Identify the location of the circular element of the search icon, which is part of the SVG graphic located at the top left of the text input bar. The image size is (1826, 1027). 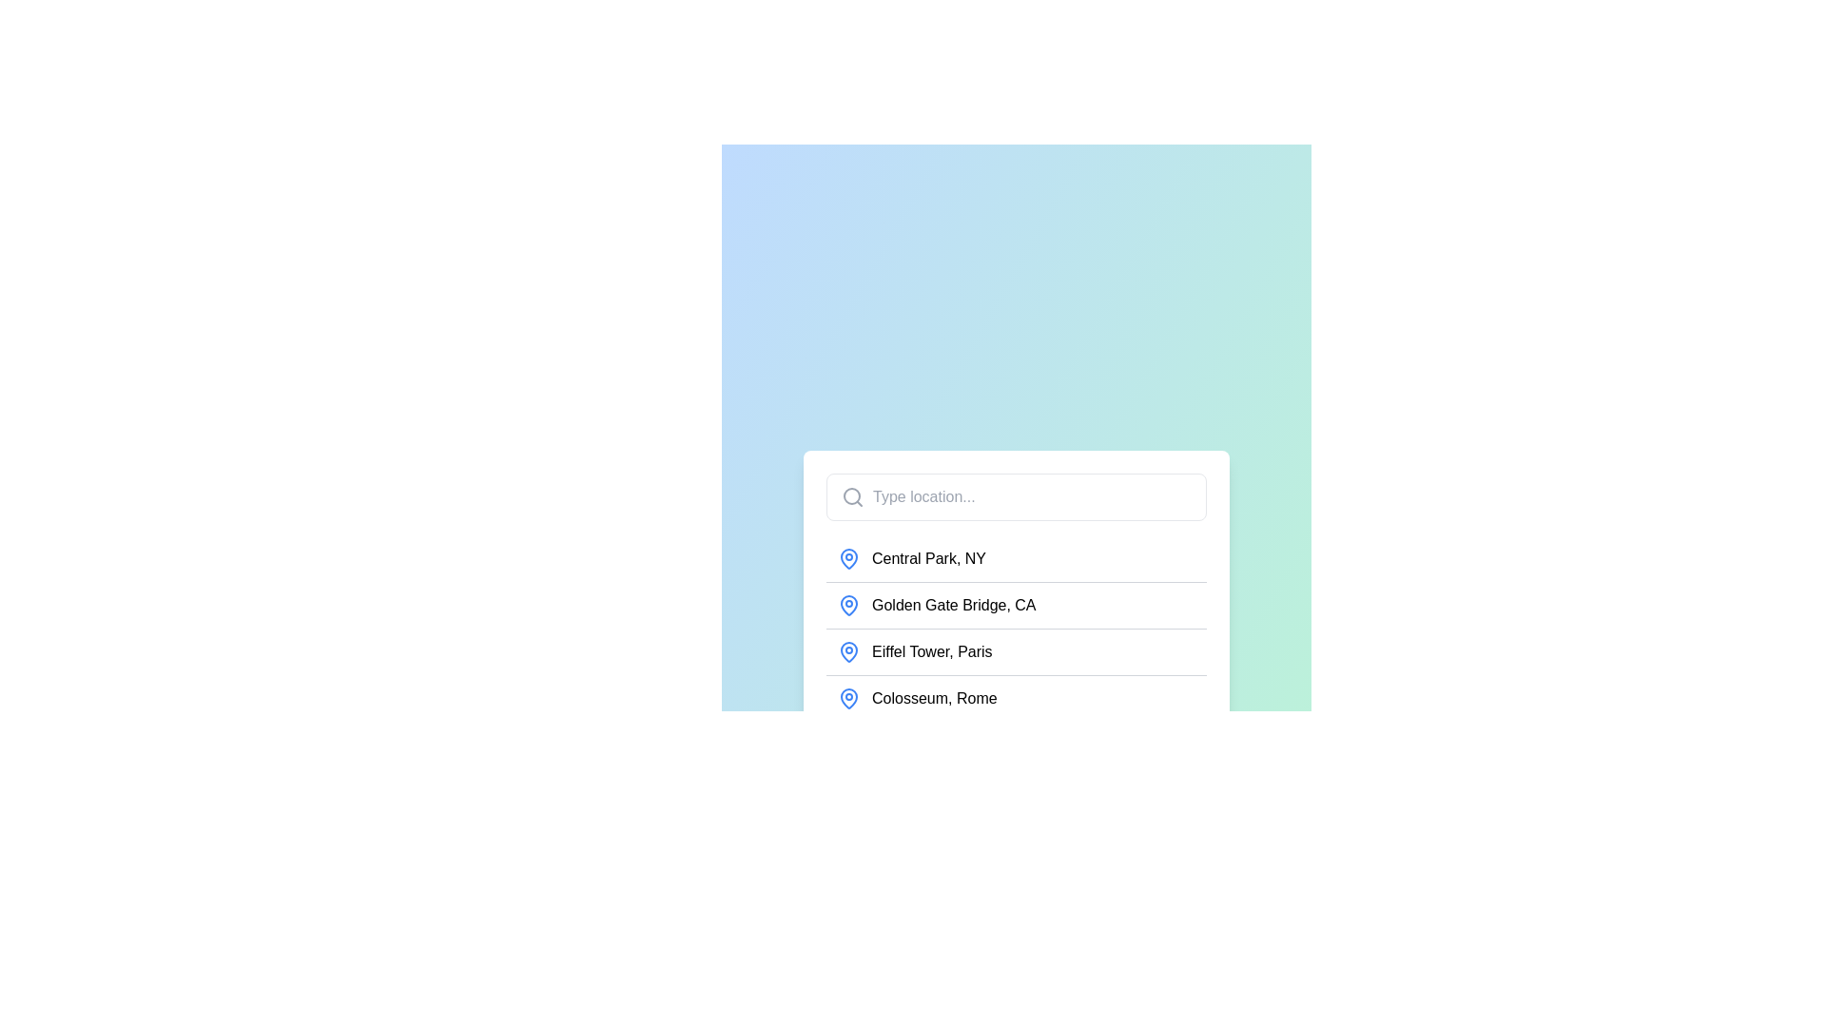
(851, 494).